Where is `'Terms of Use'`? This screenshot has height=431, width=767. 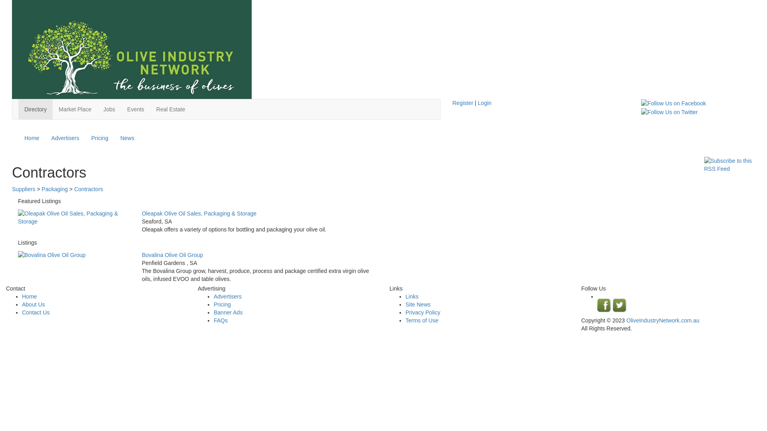
'Terms of Use' is located at coordinates (421, 320).